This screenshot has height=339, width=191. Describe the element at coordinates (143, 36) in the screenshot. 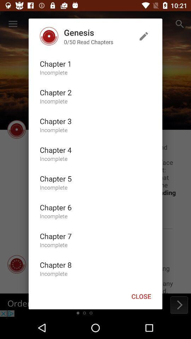

I see `the icon at the top right corner` at that location.